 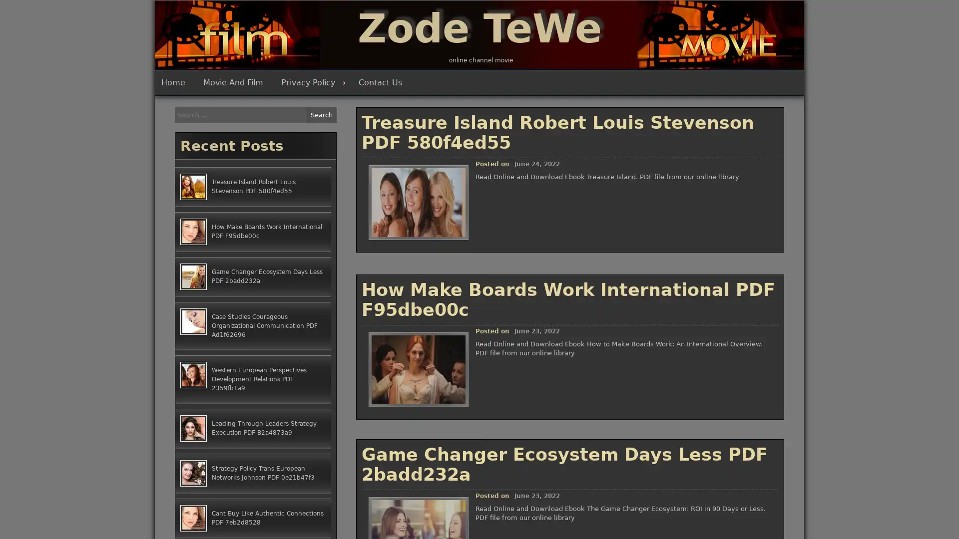 I want to click on Search, so click(x=321, y=114).